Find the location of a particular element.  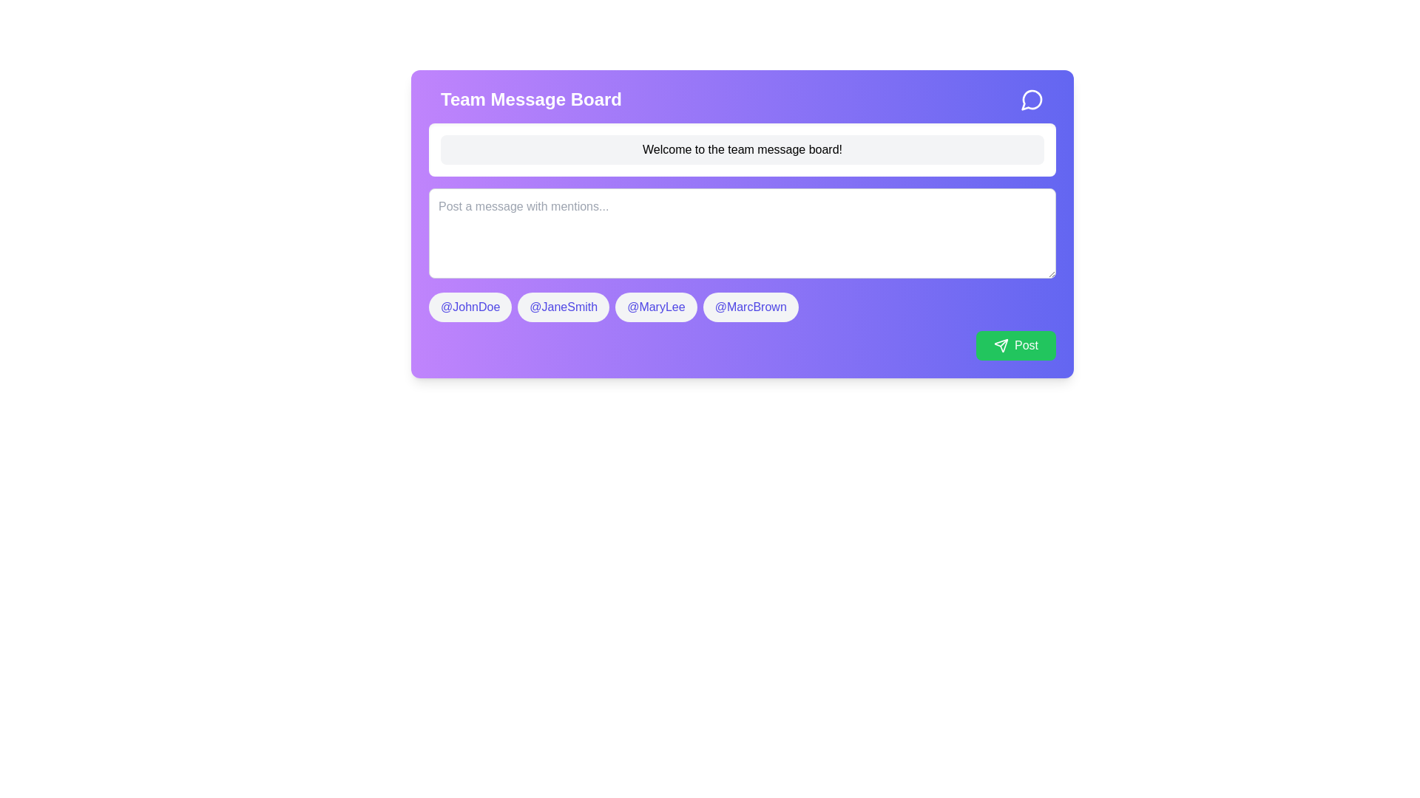

the Banner message card which has a white background and contains the text 'Welcome to the team message board!' centered within it is located at coordinates (742, 150).